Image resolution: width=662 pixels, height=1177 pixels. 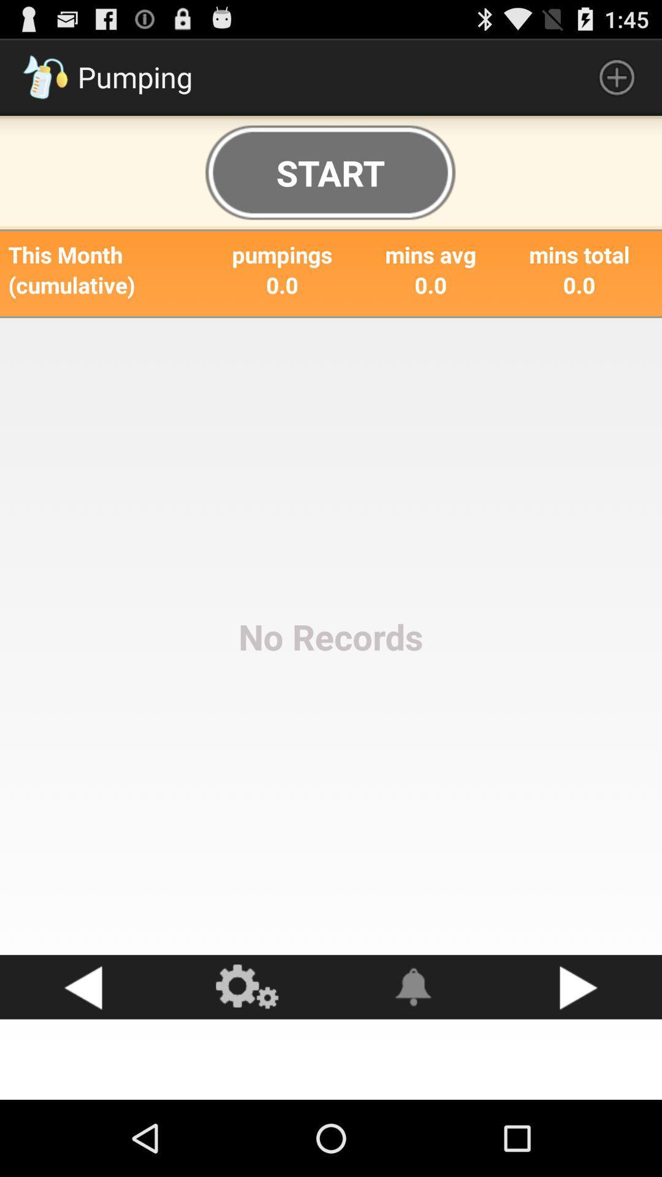 I want to click on alarm, so click(x=414, y=987).